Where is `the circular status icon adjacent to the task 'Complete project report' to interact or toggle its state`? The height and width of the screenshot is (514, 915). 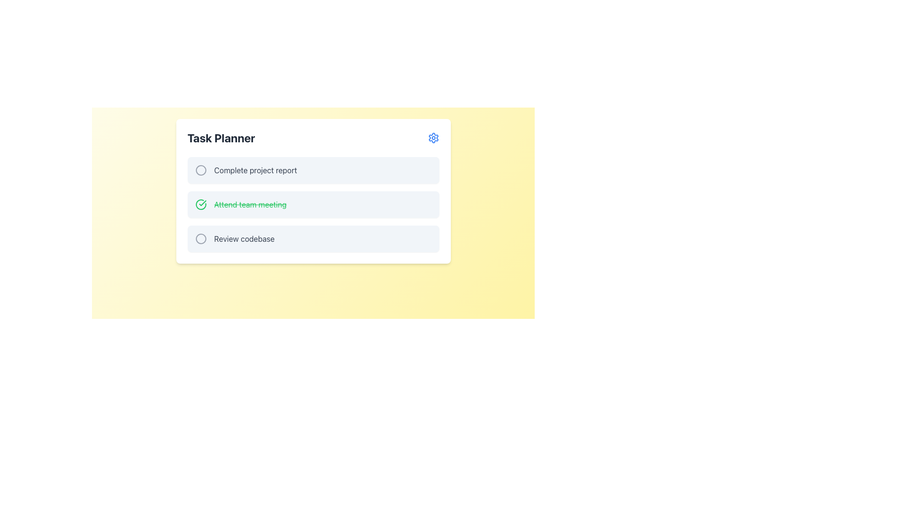
the circular status icon adjacent to the task 'Complete project report' to interact or toggle its state is located at coordinates (200, 170).